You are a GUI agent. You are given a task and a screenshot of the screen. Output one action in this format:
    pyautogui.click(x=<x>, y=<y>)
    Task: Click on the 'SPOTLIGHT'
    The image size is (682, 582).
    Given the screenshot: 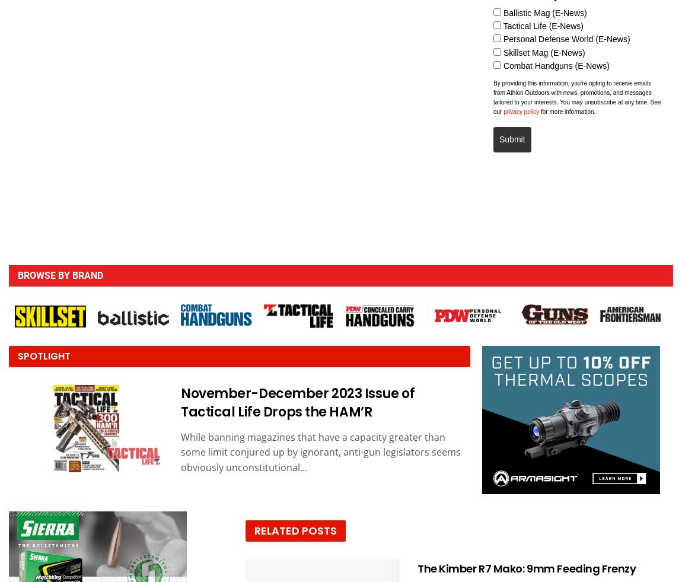 What is the action you would take?
    pyautogui.click(x=43, y=356)
    